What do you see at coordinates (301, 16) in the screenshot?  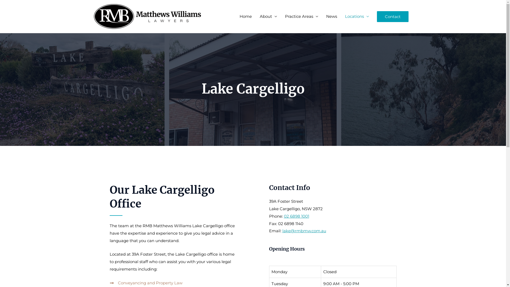 I see `'Practice Areas'` at bounding box center [301, 16].